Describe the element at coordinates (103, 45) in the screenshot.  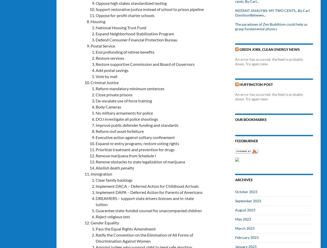
I see `'Postal Service'` at that location.